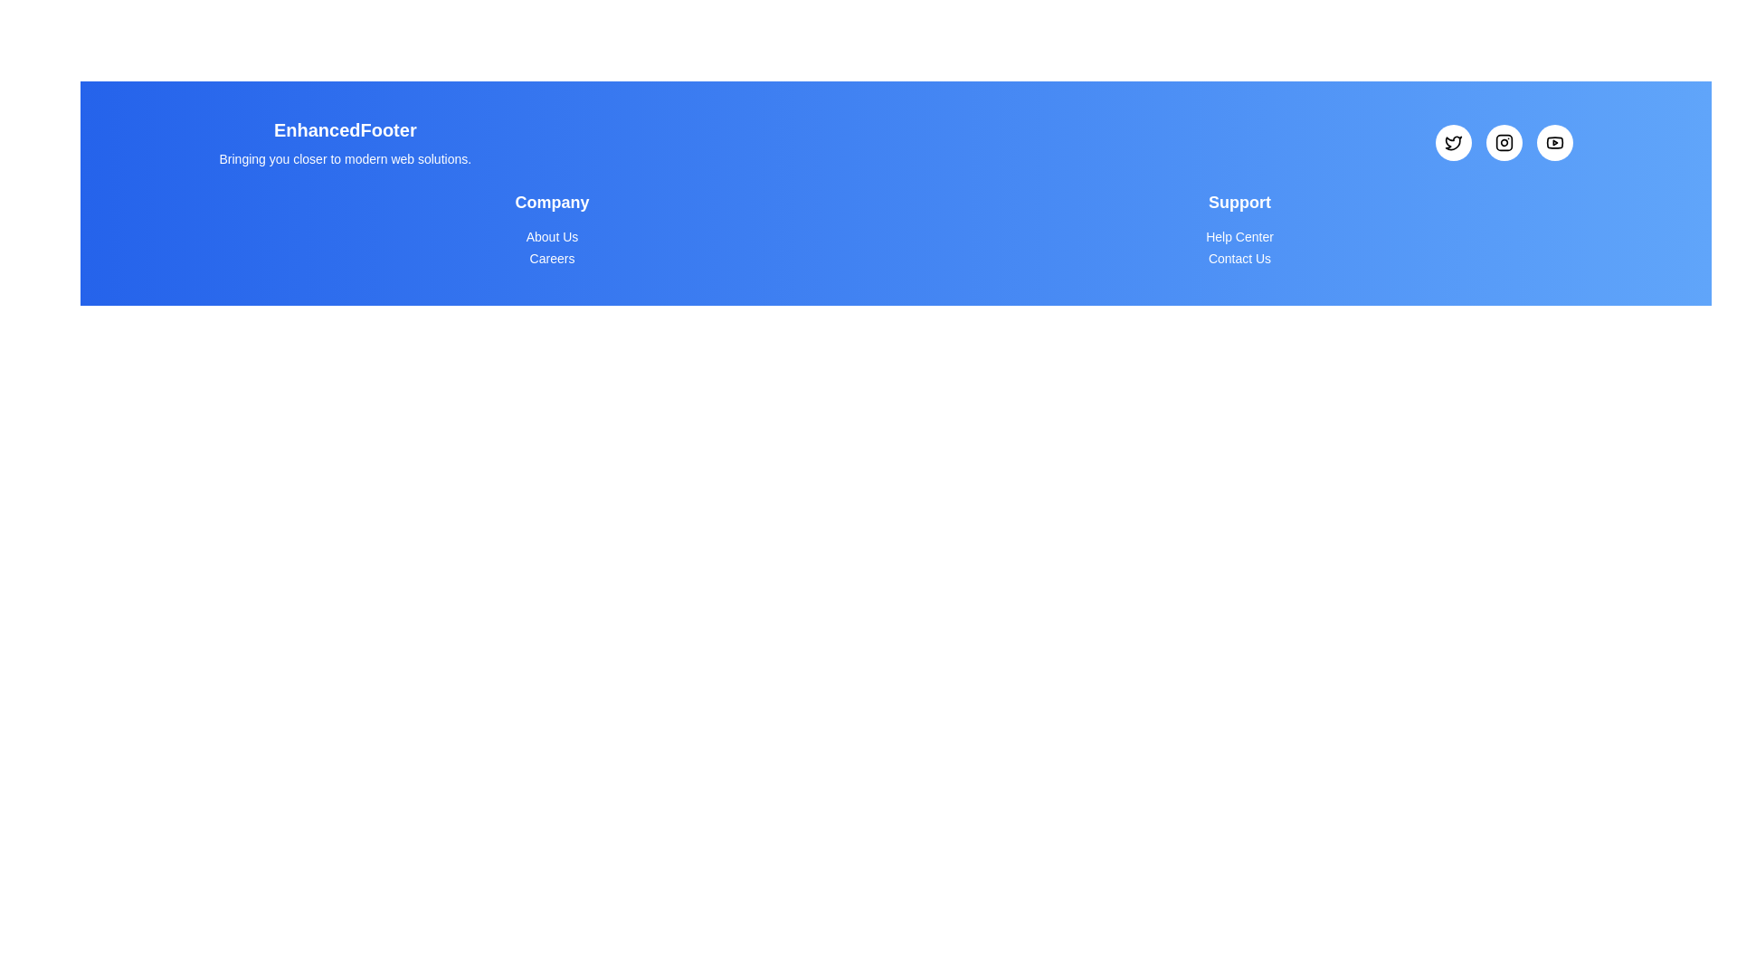  I want to click on the 'Help Center' and 'Contact Us' links in the 'Support' section, so click(1239, 229).